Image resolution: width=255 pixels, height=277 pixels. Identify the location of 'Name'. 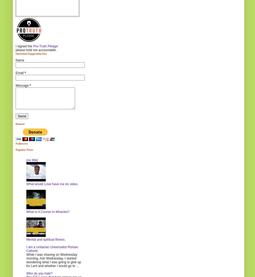
(16, 59).